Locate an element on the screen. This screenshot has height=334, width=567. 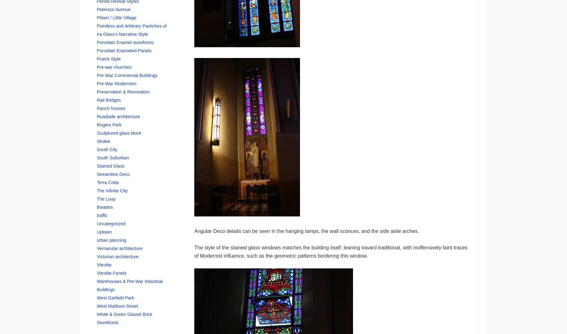
'urban planning' is located at coordinates (96, 240).